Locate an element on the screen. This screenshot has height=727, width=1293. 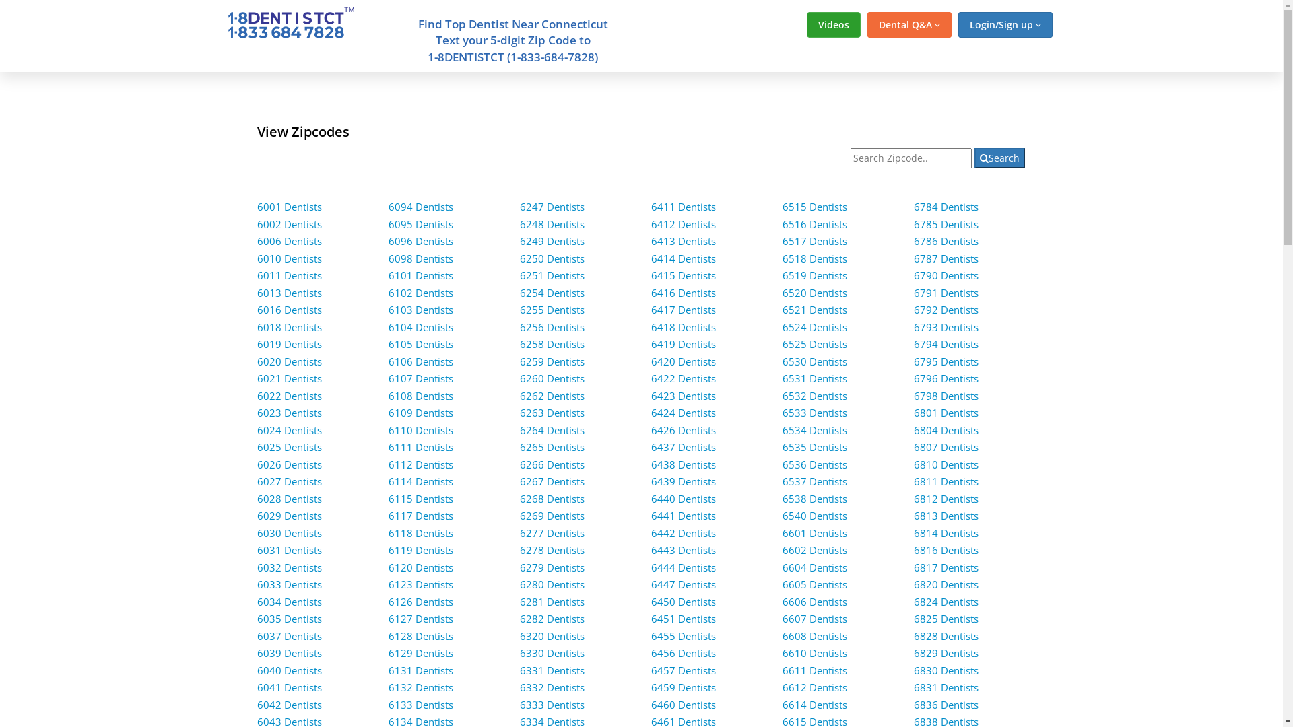
'6258 Dentists' is located at coordinates (519, 343).